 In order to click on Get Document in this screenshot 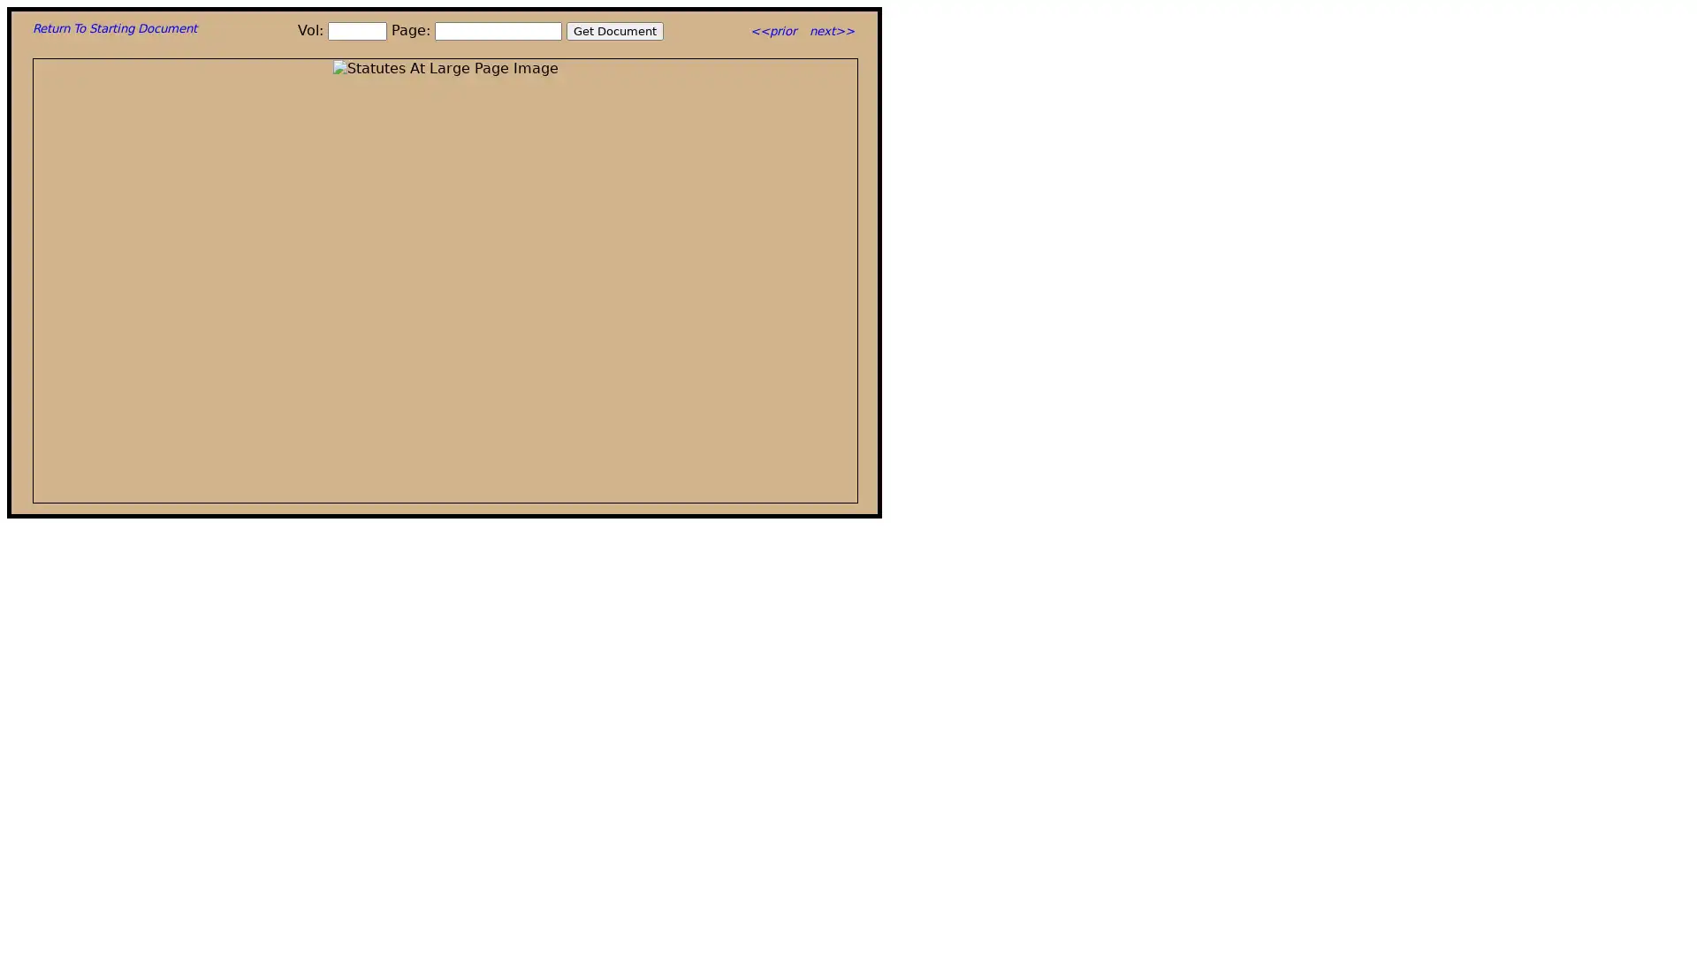, I will do `click(615, 31)`.